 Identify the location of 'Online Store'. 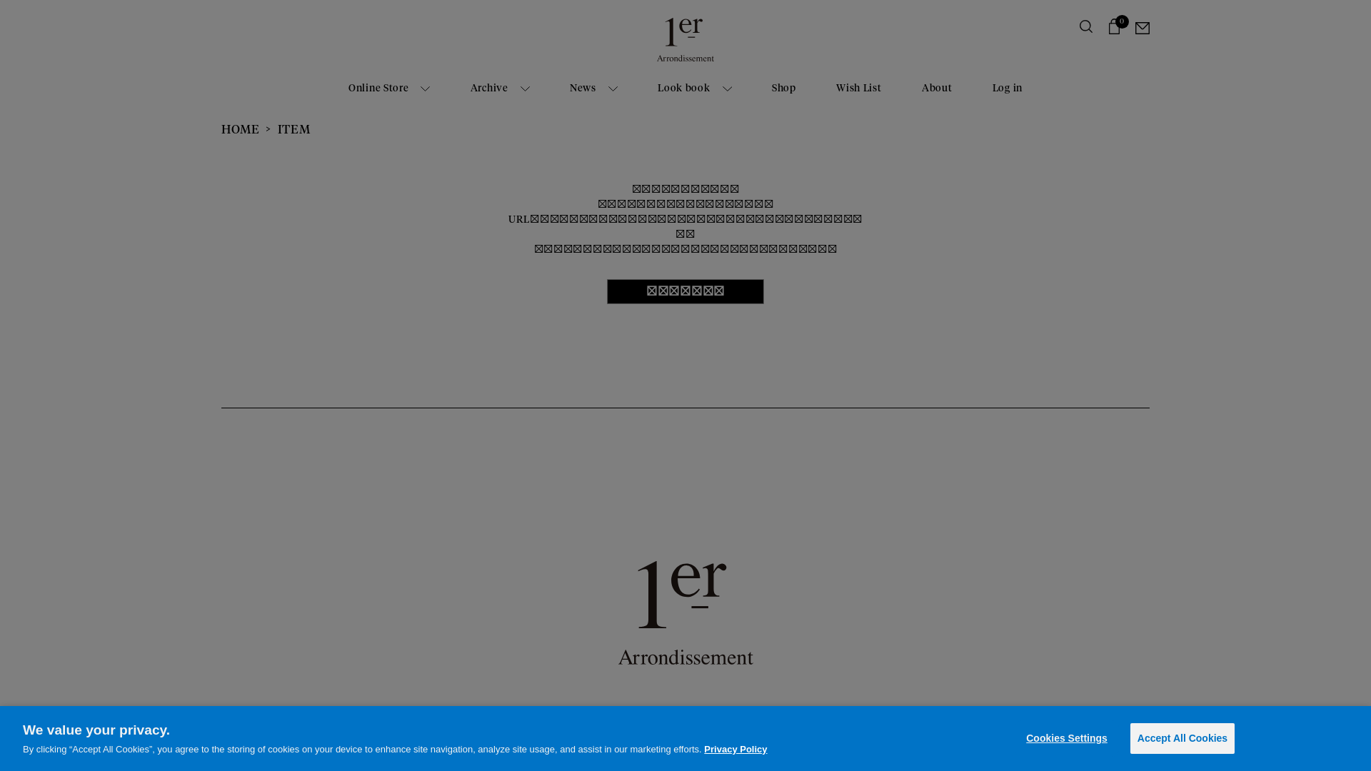
(389, 89).